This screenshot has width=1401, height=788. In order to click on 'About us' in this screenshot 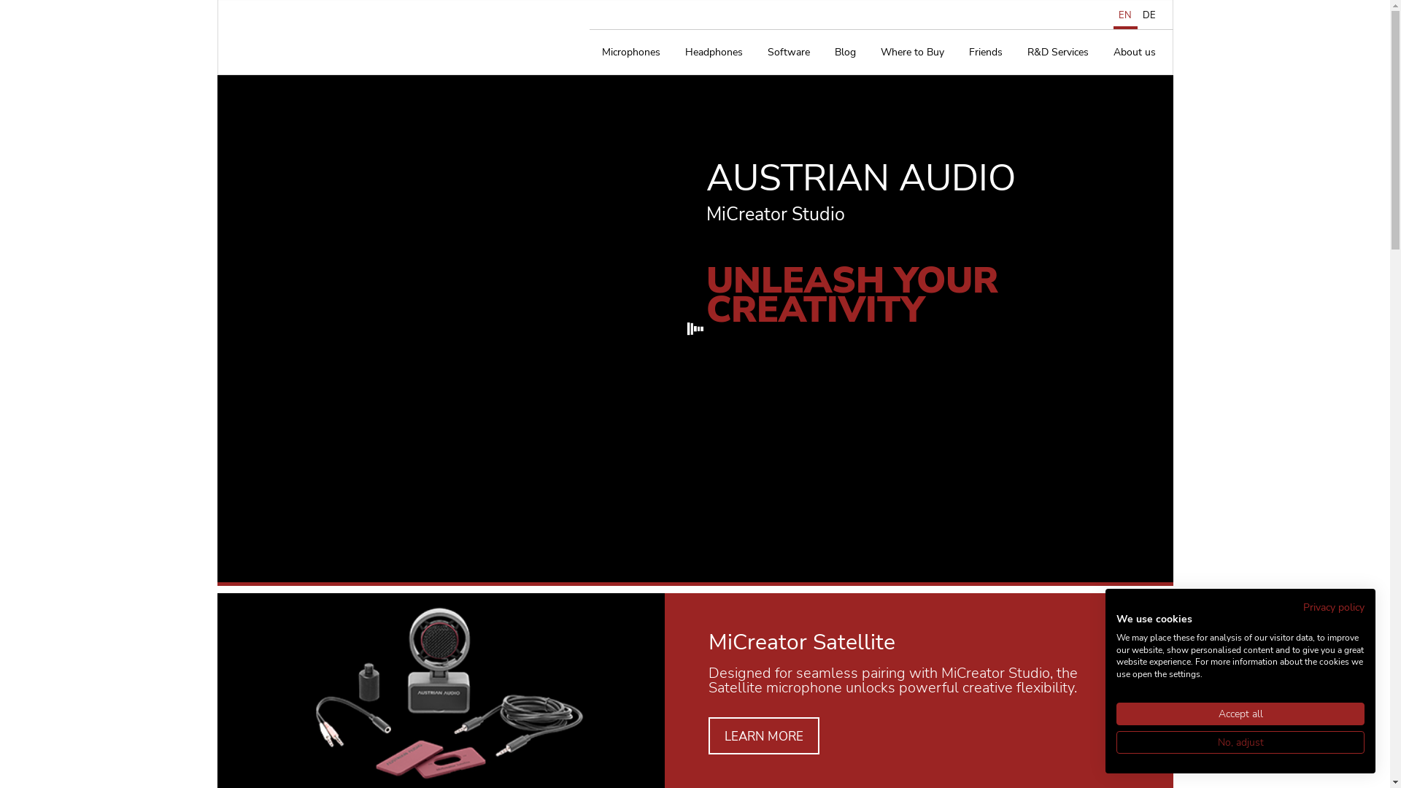, I will do `click(1133, 52)`.